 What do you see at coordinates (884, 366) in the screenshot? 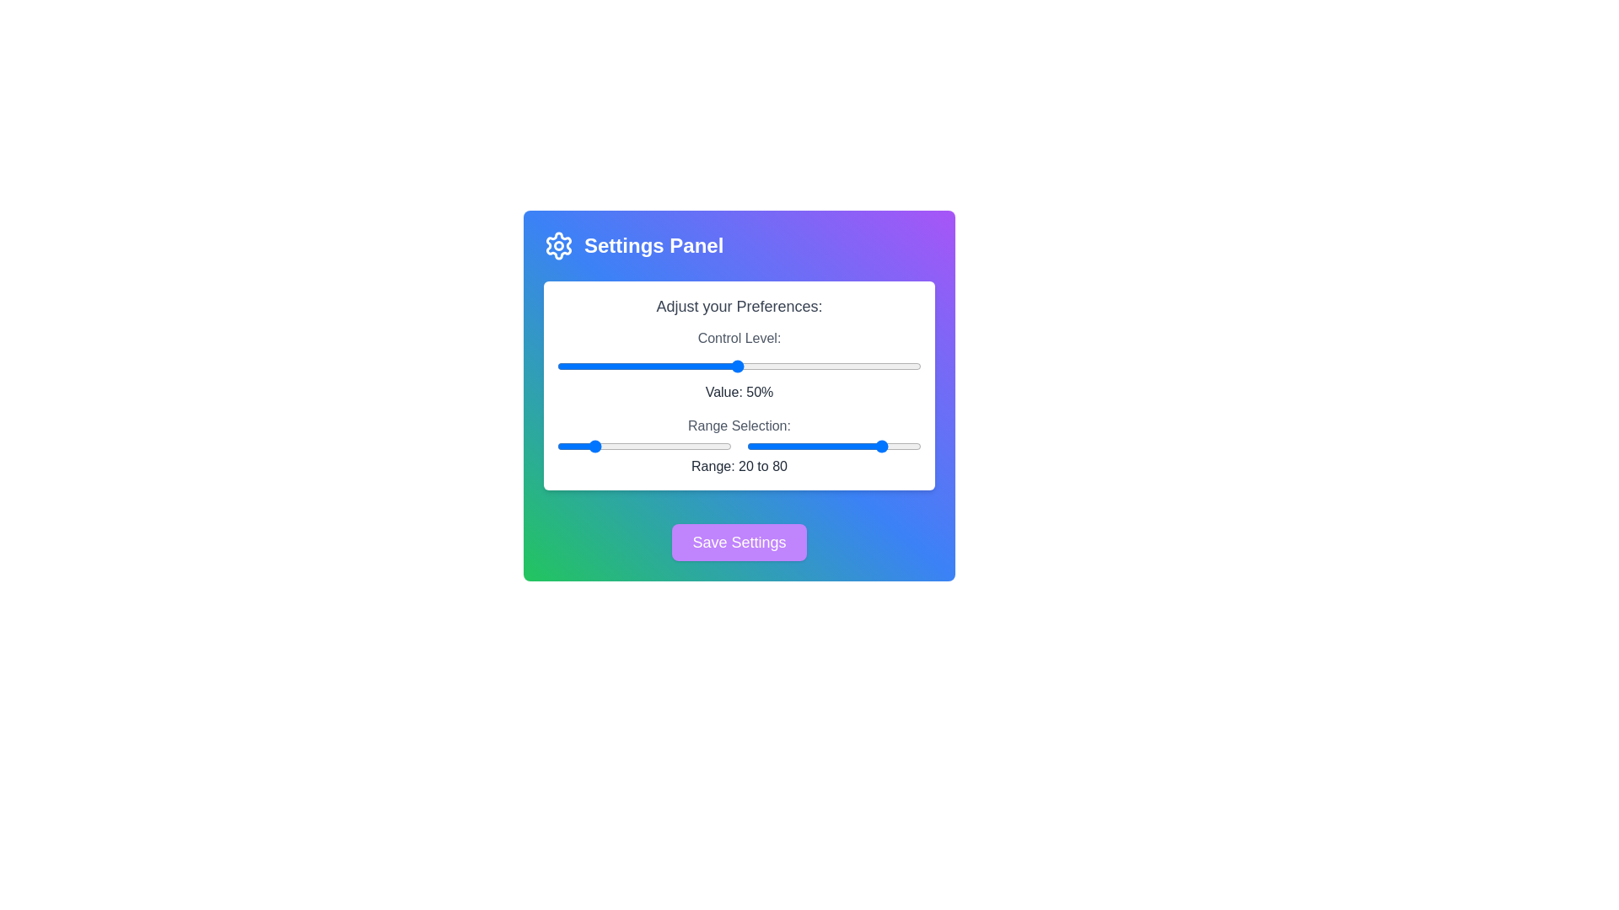
I see `the control level` at bounding box center [884, 366].